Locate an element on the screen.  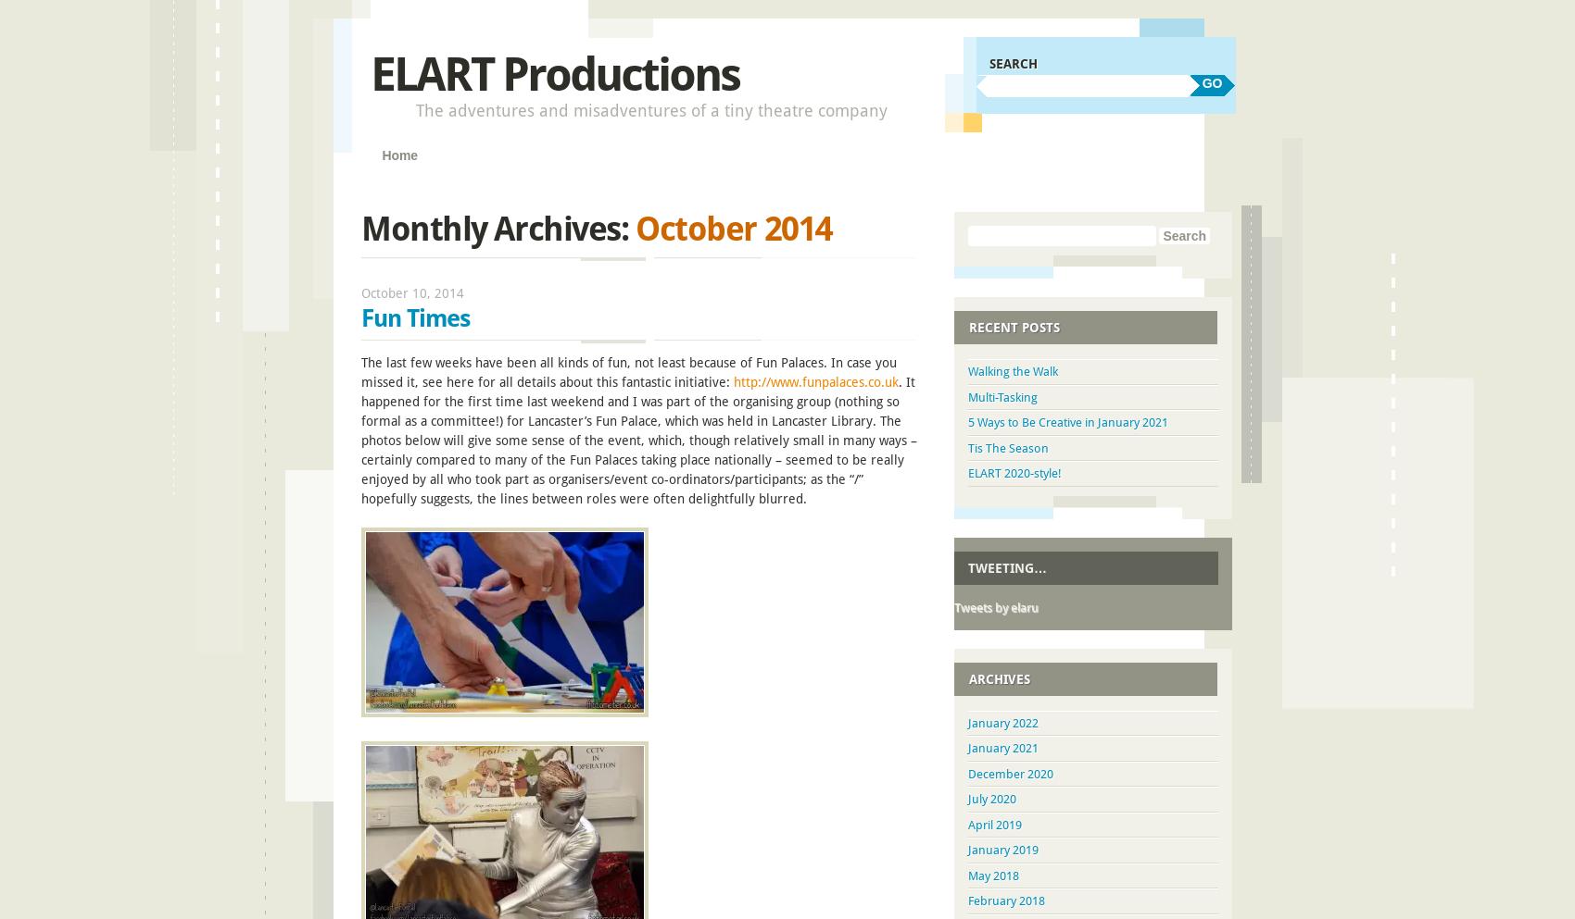
'GO' is located at coordinates (1211, 81).